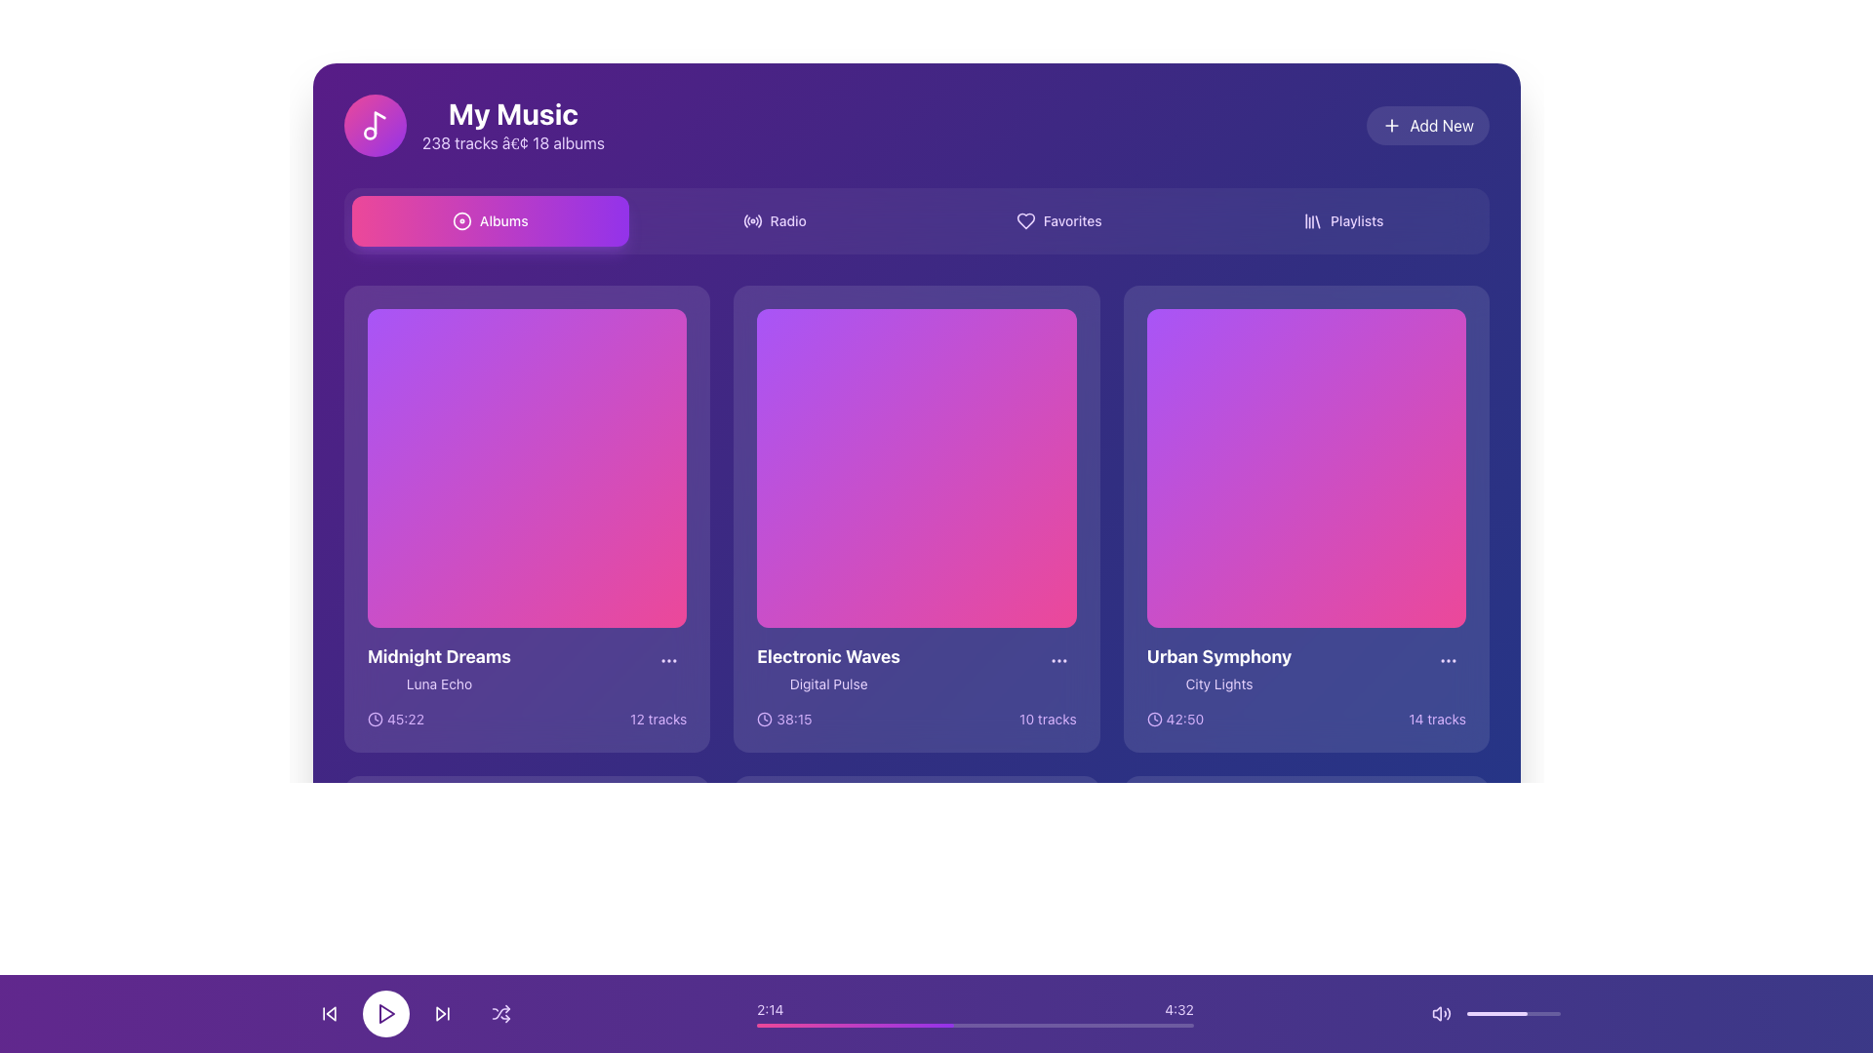 This screenshot has width=1873, height=1053. Describe the element at coordinates (1057, 220) in the screenshot. I see `the 'Favorites' button, which is the third button in the top-centered navigation bar, to activate the hover effect` at that location.